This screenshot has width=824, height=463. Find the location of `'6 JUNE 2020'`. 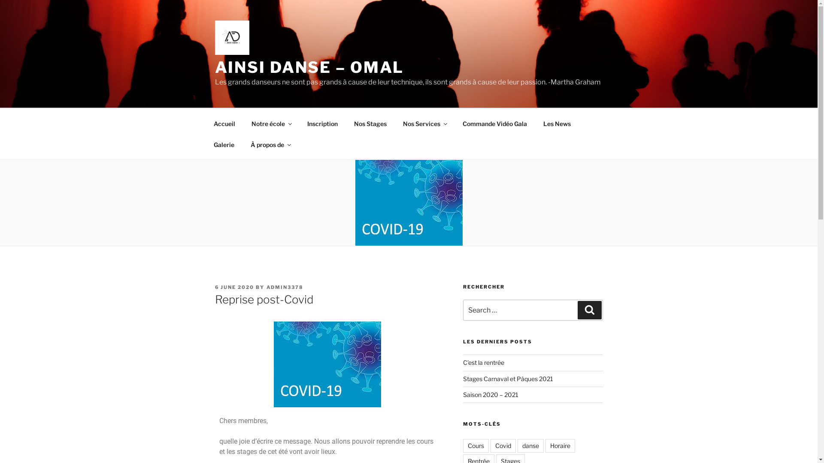

'6 JUNE 2020' is located at coordinates (214, 287).